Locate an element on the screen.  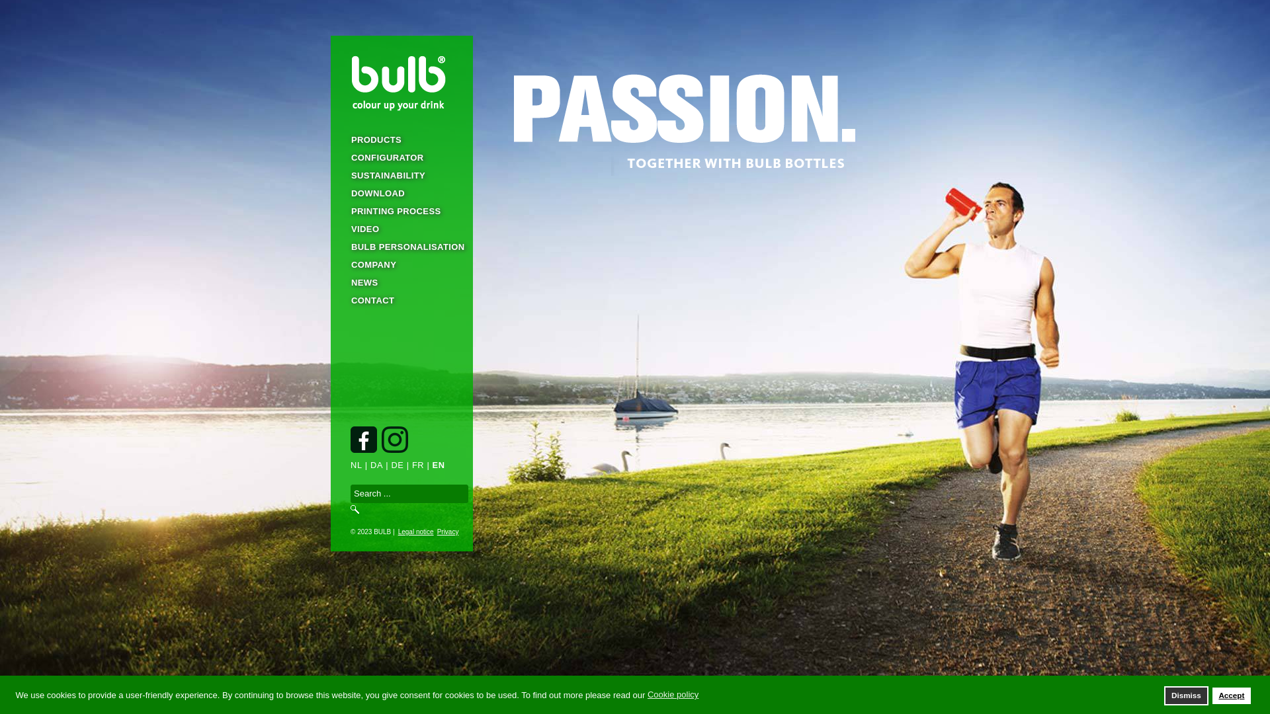
'VIDEO' is located at coordinates (401, 228).